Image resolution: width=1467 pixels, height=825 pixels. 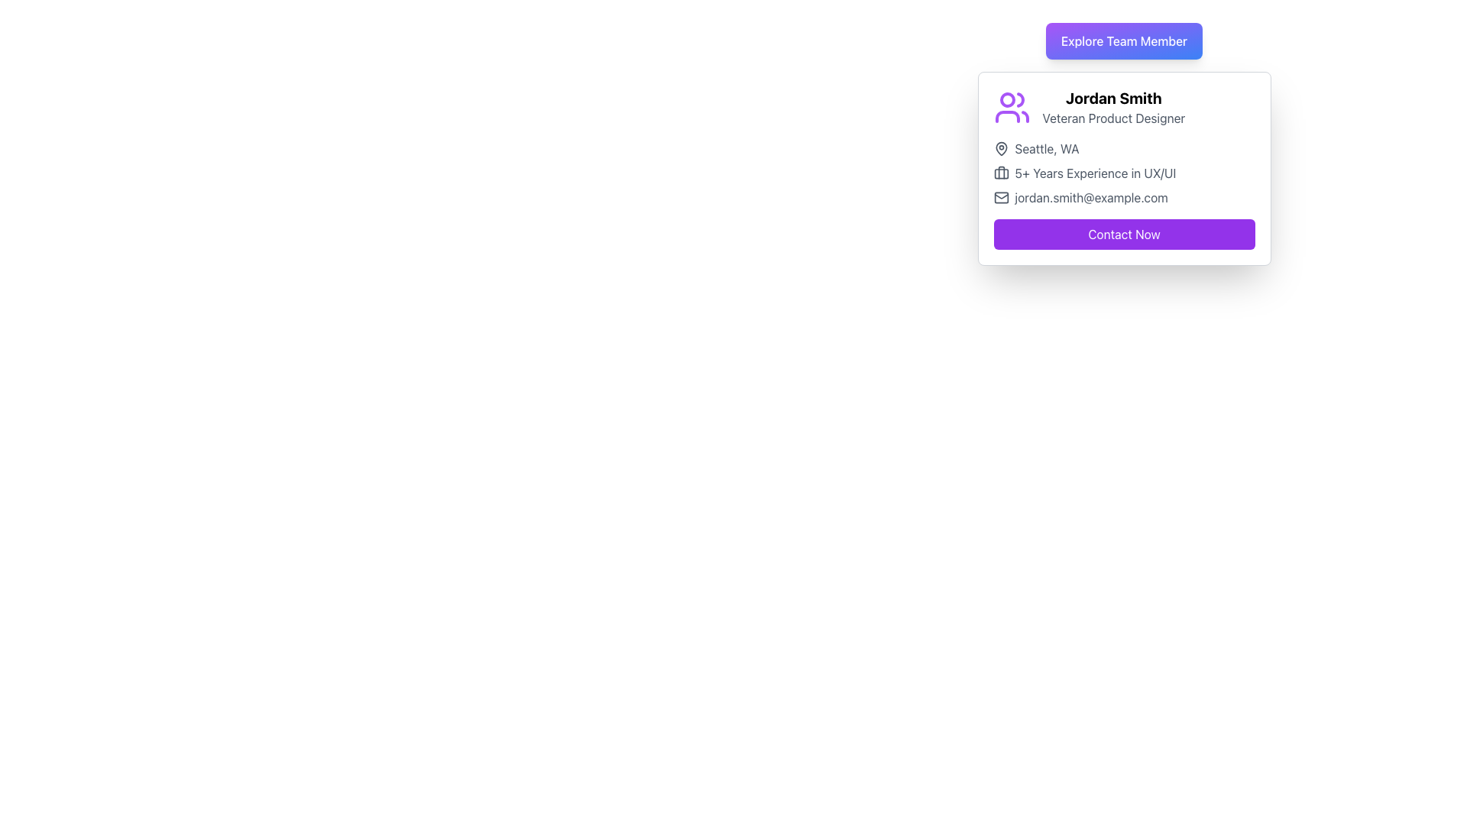 What do you see at coordinates (1001, 173) in the screenshot?
I see `SVG Rectangular Shape that is part of the briefcase icon in the user information section, located in the center-right area of the interface` at bounding box center [1001, 173].